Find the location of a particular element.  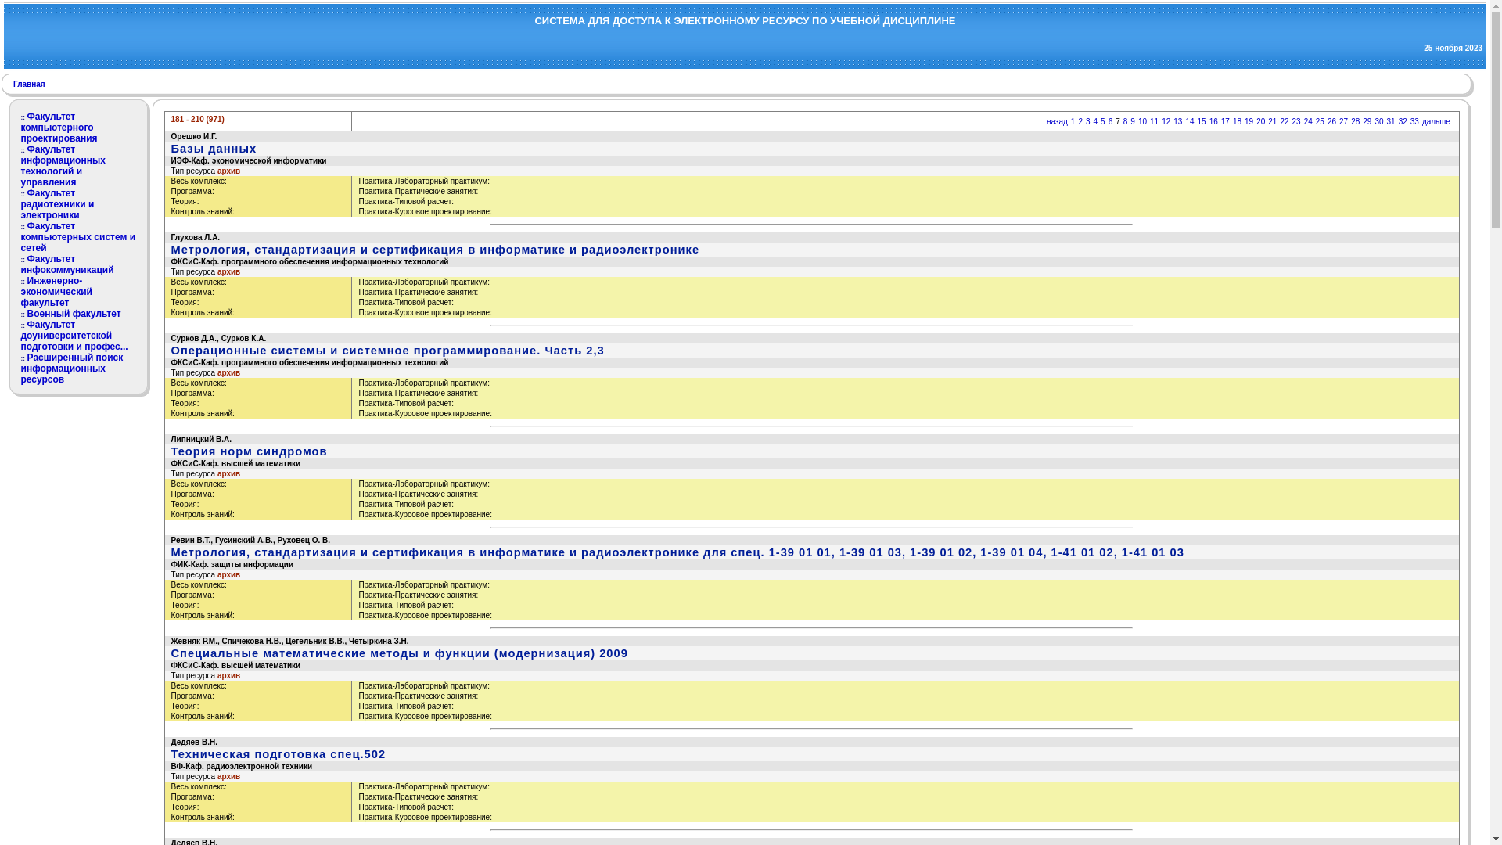

'24' is located at coordinates (1303, 120).